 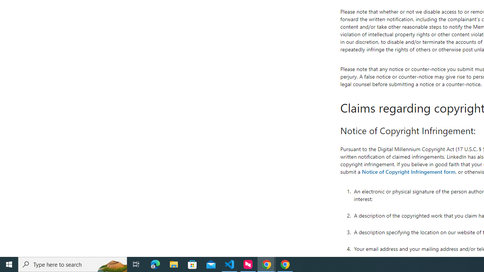 I want to click on 'Notice of Copyright Infringement form', so click(x=408, y=171).